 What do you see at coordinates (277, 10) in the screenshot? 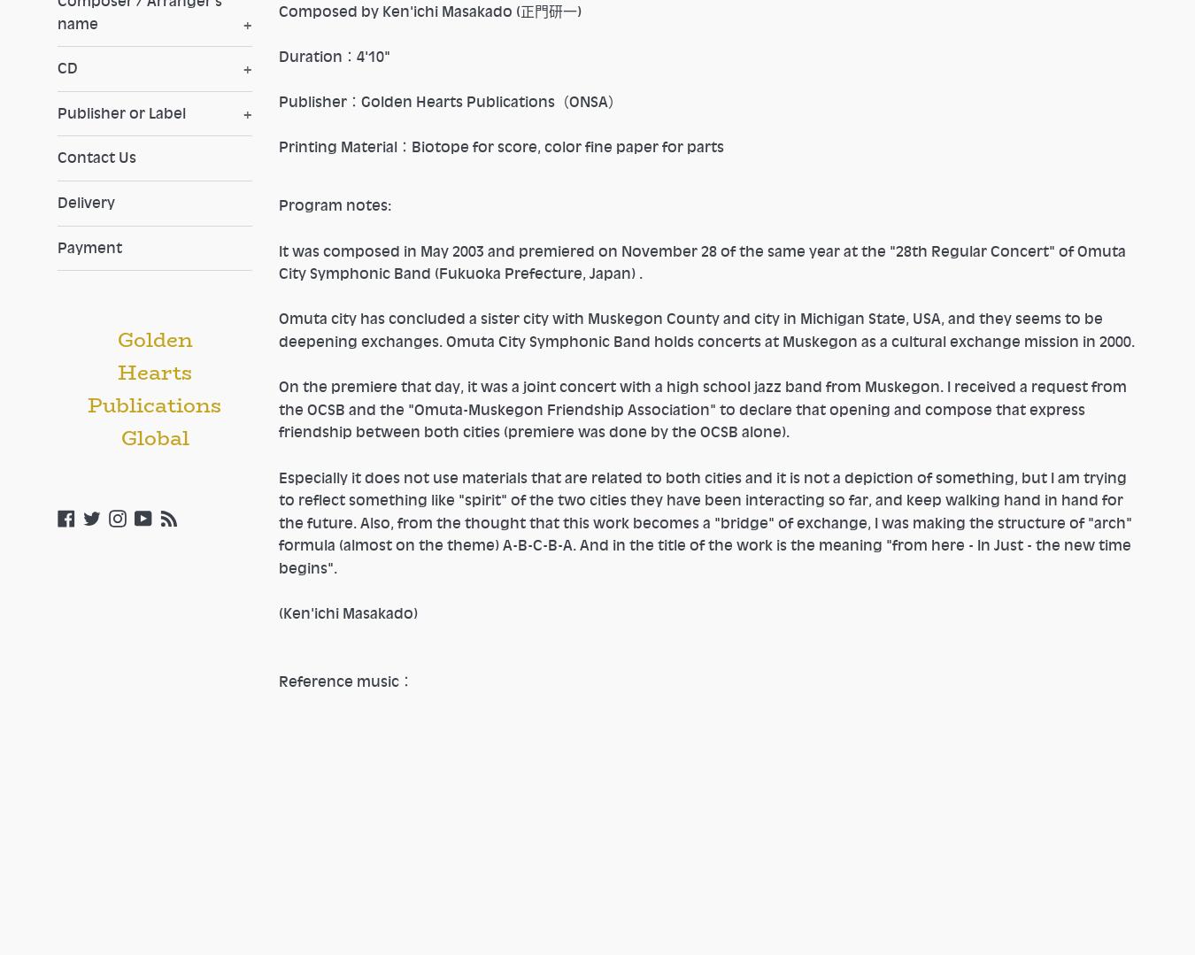
I see `'Composed by Ken'ichi Masakado (正門研一)'` at bounding box center [277, 10].